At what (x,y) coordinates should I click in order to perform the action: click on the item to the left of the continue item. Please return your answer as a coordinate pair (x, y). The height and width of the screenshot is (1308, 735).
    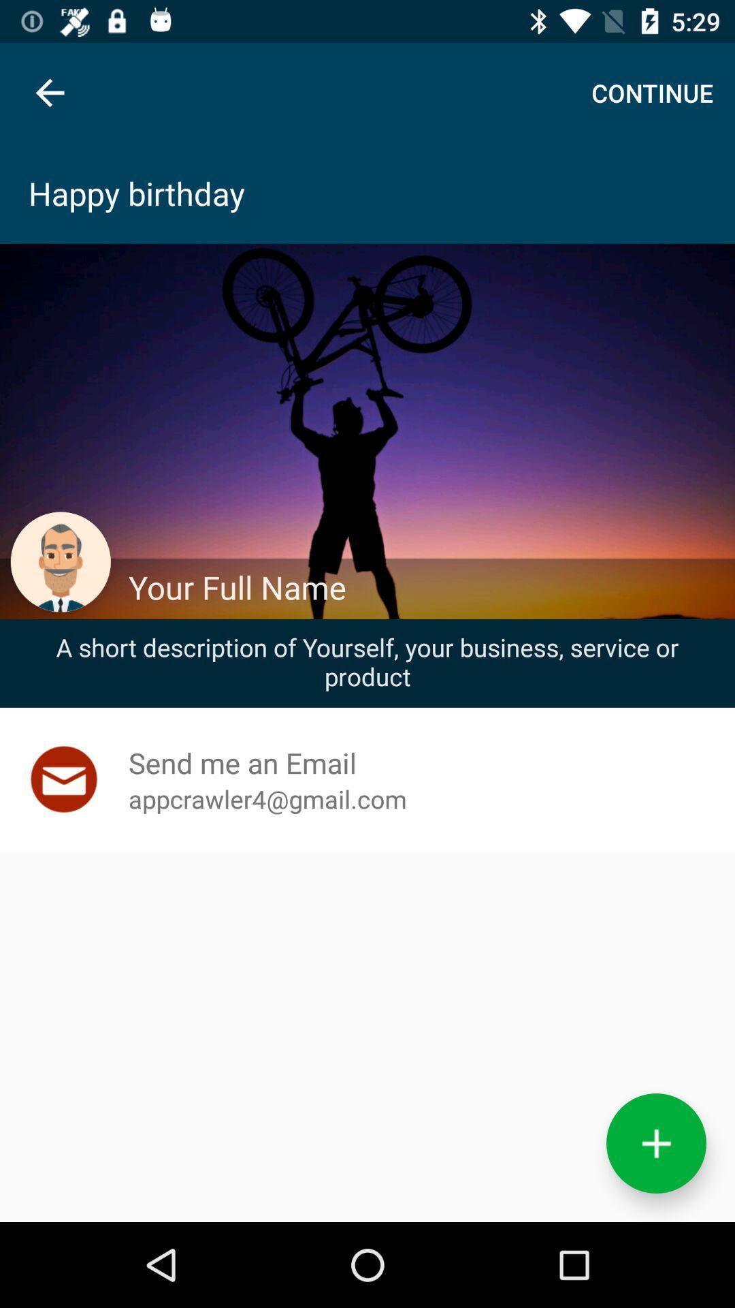
    Looking at the image, I should click on (49, 92).